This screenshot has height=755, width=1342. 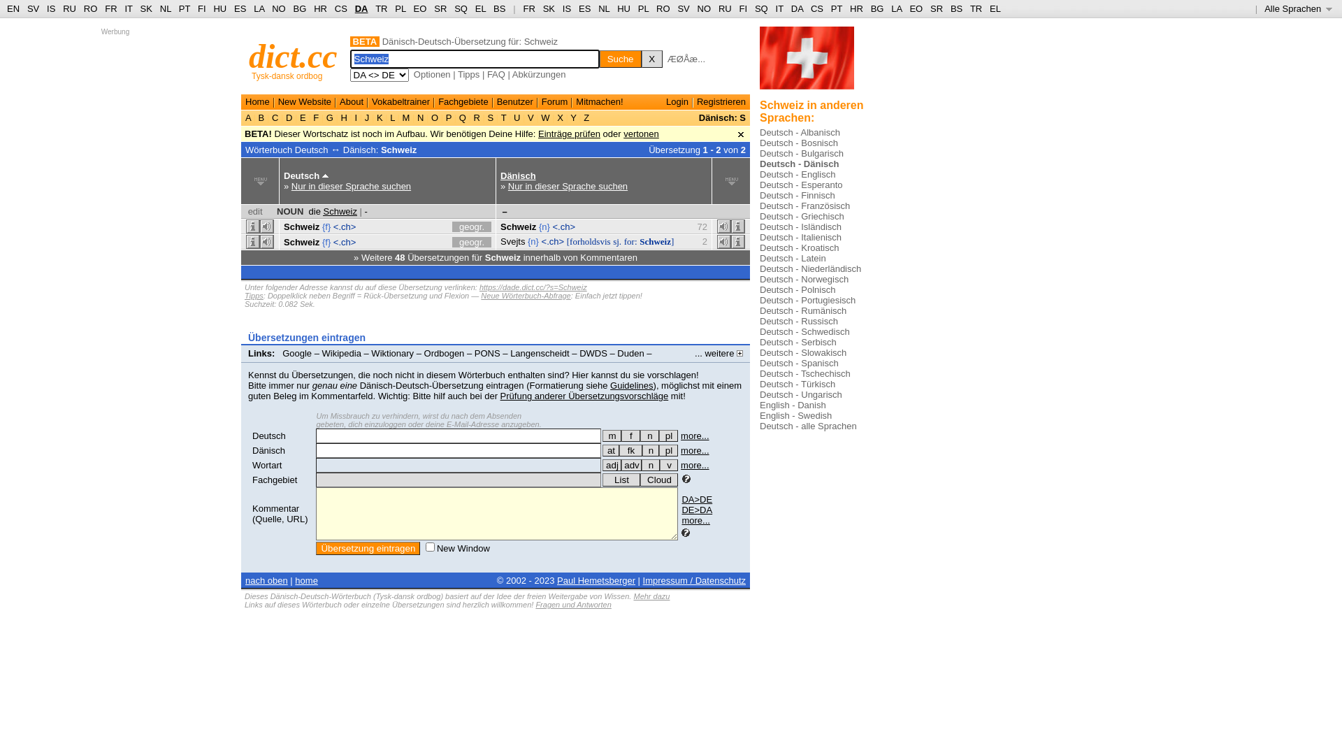 What do you see at coordinates (616, 352) in the screenshot?
I see `'Duden'` at bounding box center [616, 352].